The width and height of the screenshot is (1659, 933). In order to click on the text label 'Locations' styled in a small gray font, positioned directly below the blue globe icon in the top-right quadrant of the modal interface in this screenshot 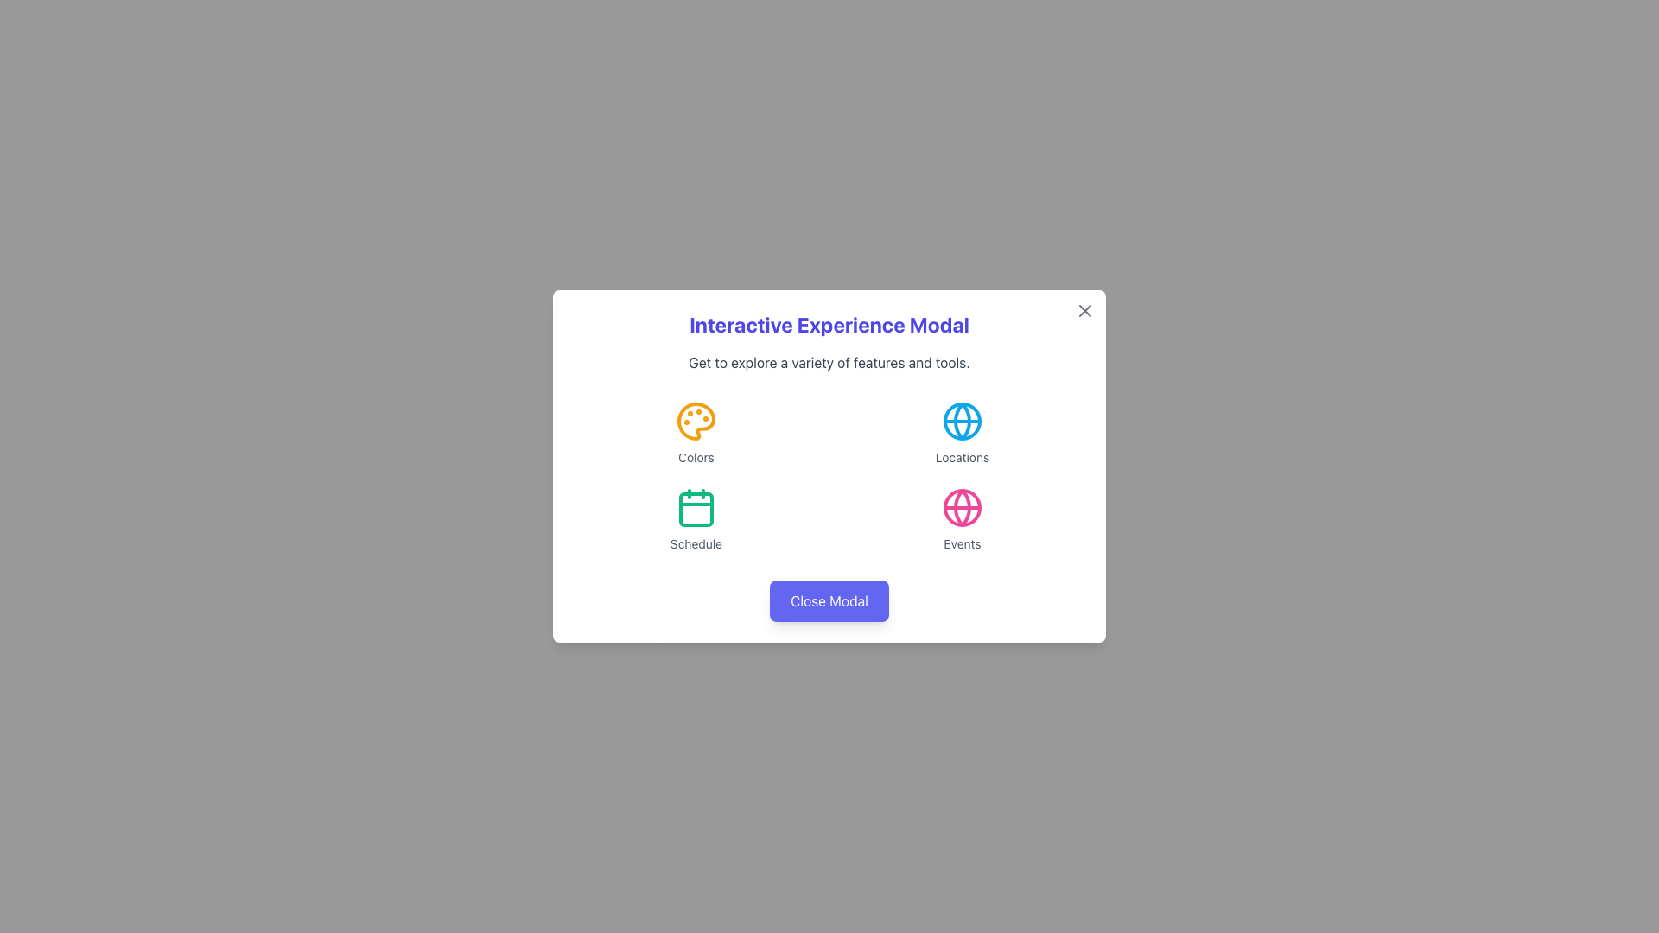, I will do `click(961, 456)`.